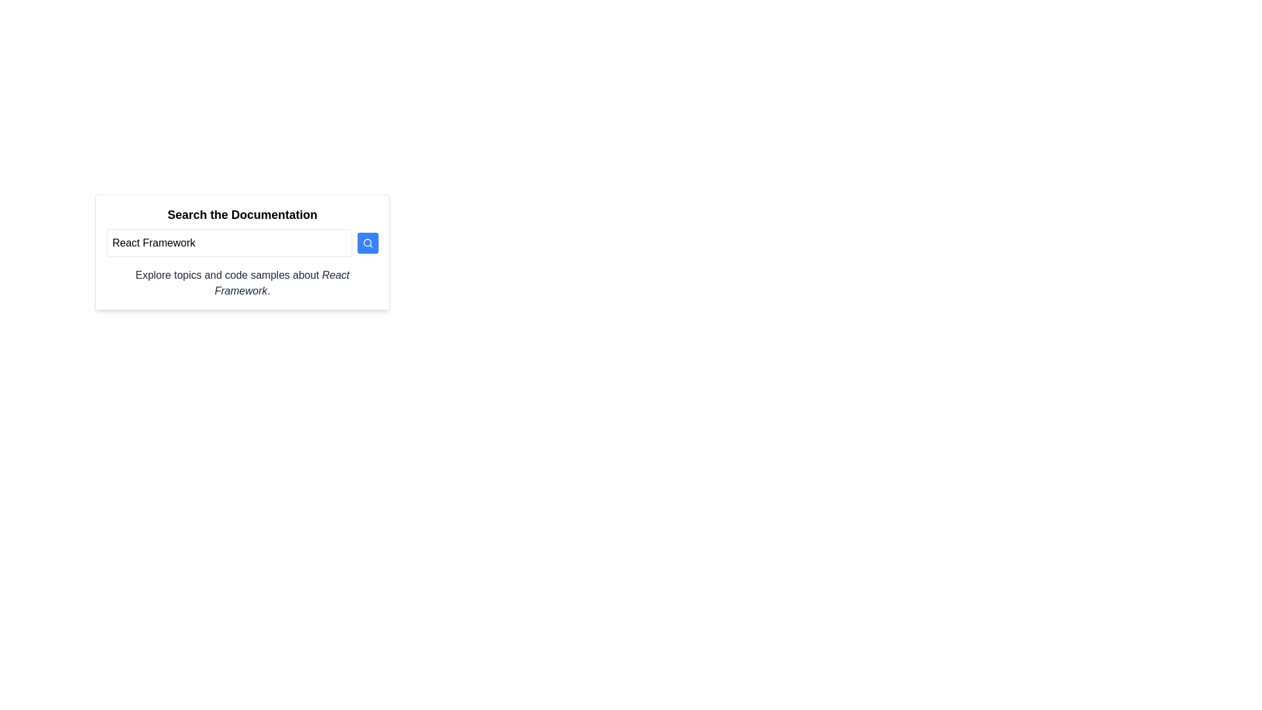  Describe the element at coordinates (243, 283) in the screenshot. I see `the descriptive text element that provides information about available topics and code samples related to the React Framework, positioned below the search bar and title 'Search the Documentation'` at that location.